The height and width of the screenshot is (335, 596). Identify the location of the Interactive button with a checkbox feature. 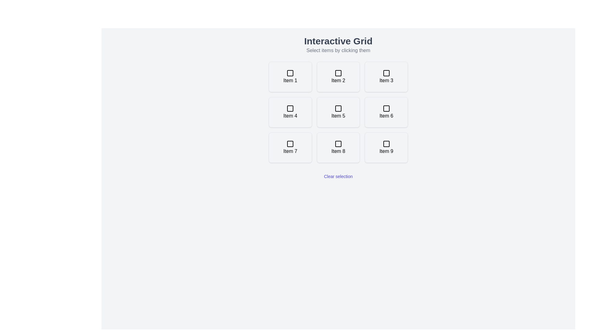
(338, 76).